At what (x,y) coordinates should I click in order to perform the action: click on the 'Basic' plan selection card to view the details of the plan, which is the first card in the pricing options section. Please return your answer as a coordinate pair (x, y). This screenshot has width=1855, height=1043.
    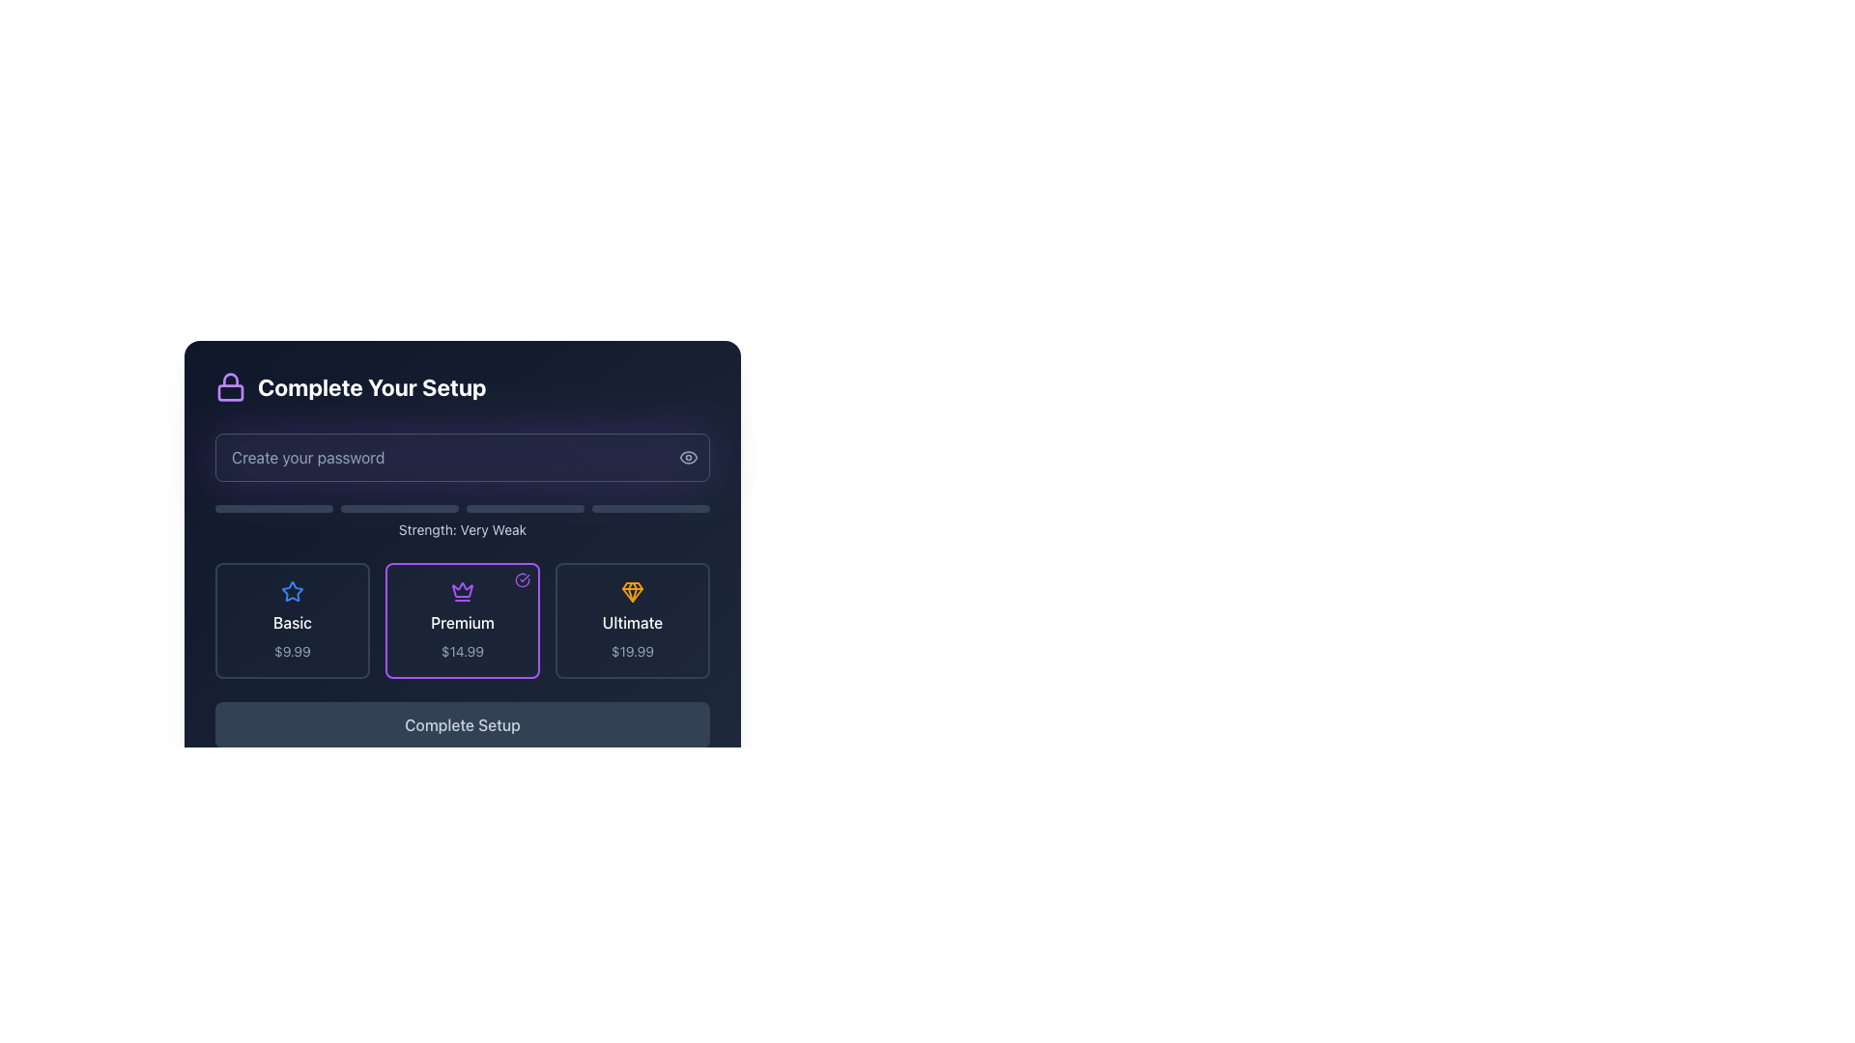
    Looking at the image, I should click on (291, 621).